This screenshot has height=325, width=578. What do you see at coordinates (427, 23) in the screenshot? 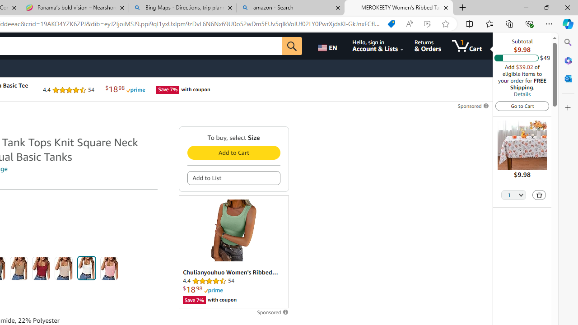
I see `'Enhance video'` at bounding box center [427, 23].